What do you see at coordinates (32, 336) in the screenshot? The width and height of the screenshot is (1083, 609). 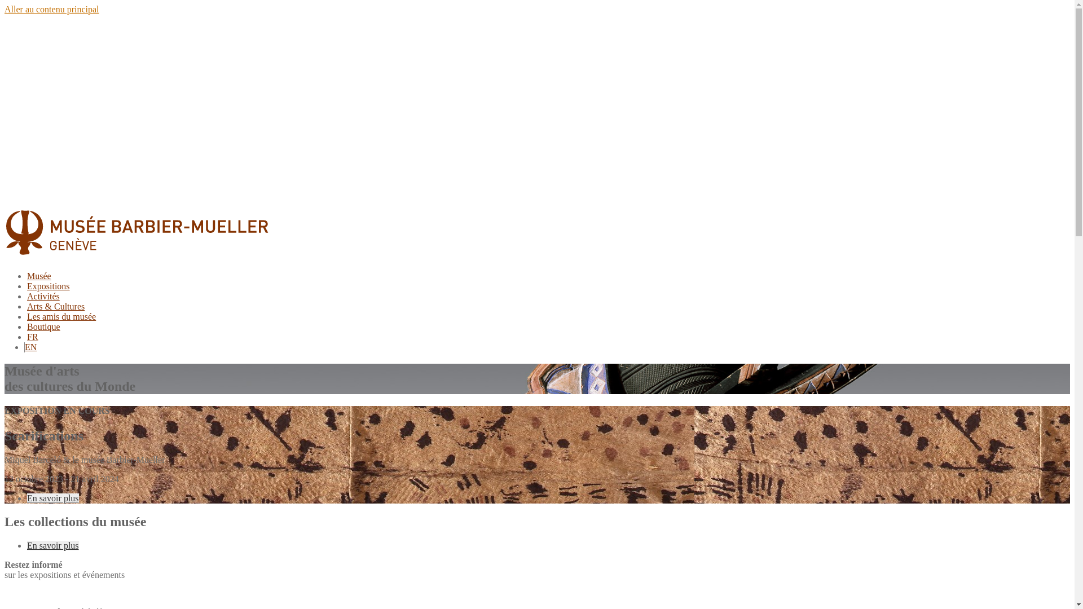 I see `'FR'` at bounding box center [32, 336].